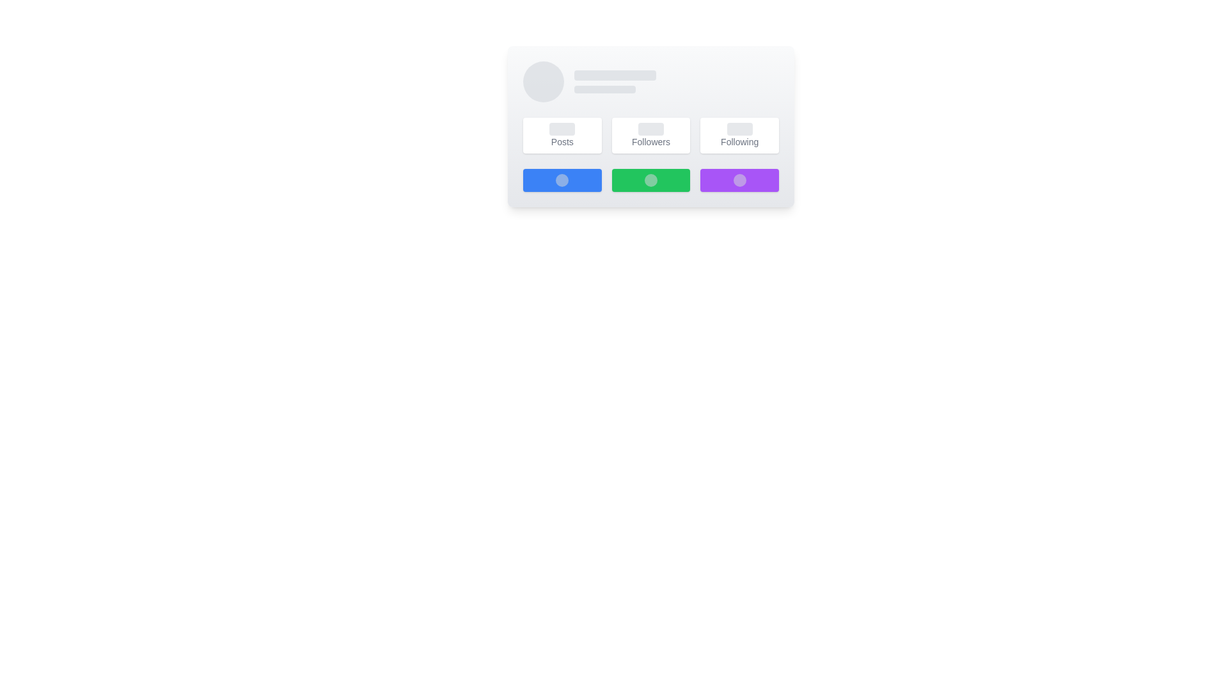 This screenshot has height=691, width=1228. Describe the element at coordinates (650, 142) in the screenshot. I see `the static text label indicating social media followers, located below the animated placeholder block and centered in the upper section among 'Posts', 'Followers', and 'Following'` at that location.